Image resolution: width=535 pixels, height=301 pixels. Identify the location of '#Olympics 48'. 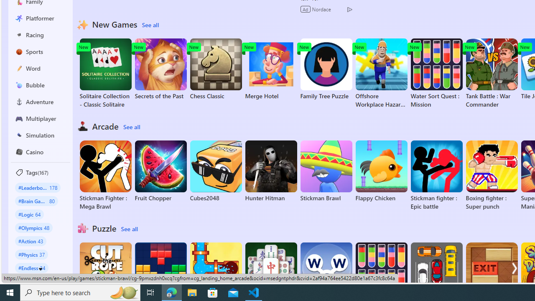
(33, 227).